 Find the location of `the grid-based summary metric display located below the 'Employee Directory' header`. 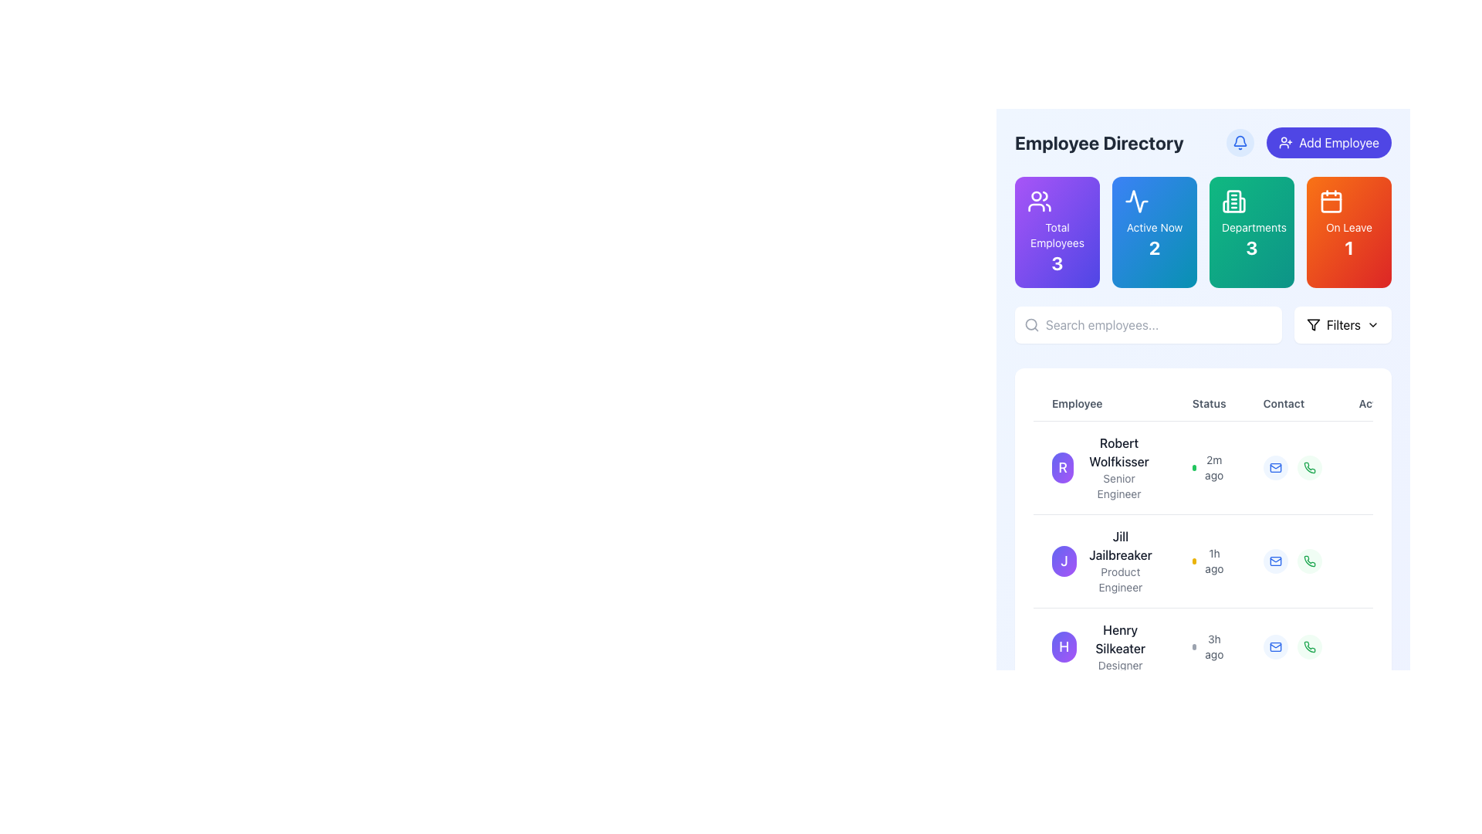

the grid-based summary metric display located below the 'Employee Directory' header is located at coordinates (1203, 232).